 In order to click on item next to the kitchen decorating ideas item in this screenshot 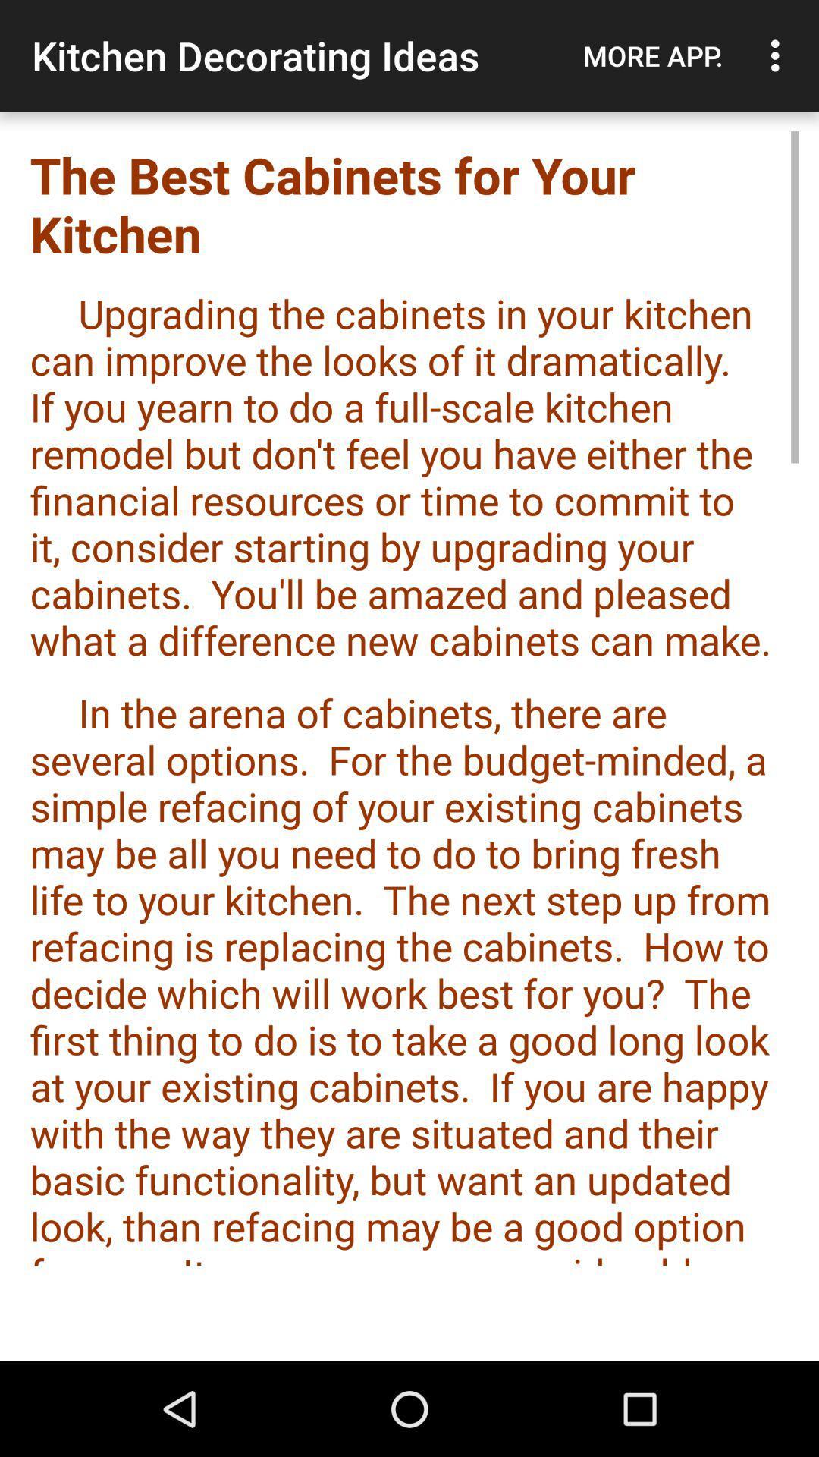, I will do `click(652, 55)`.